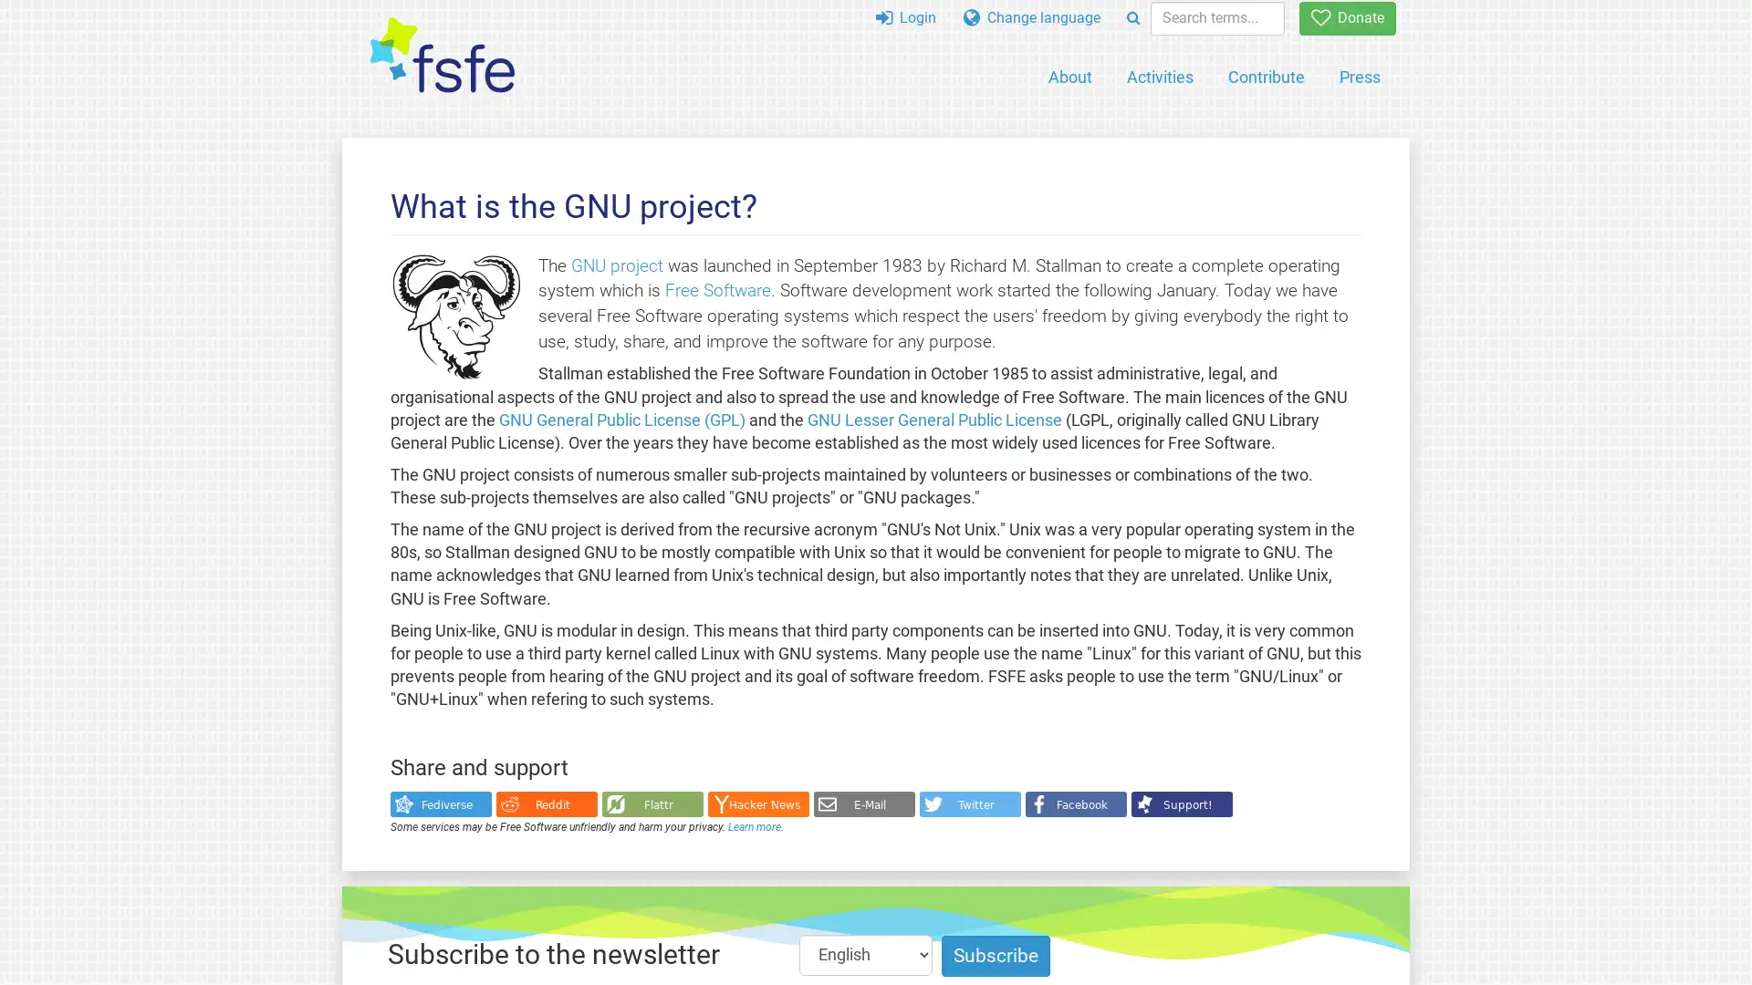 The image size is (1752, 985). I want to click on Support!, so click(1181, 804).